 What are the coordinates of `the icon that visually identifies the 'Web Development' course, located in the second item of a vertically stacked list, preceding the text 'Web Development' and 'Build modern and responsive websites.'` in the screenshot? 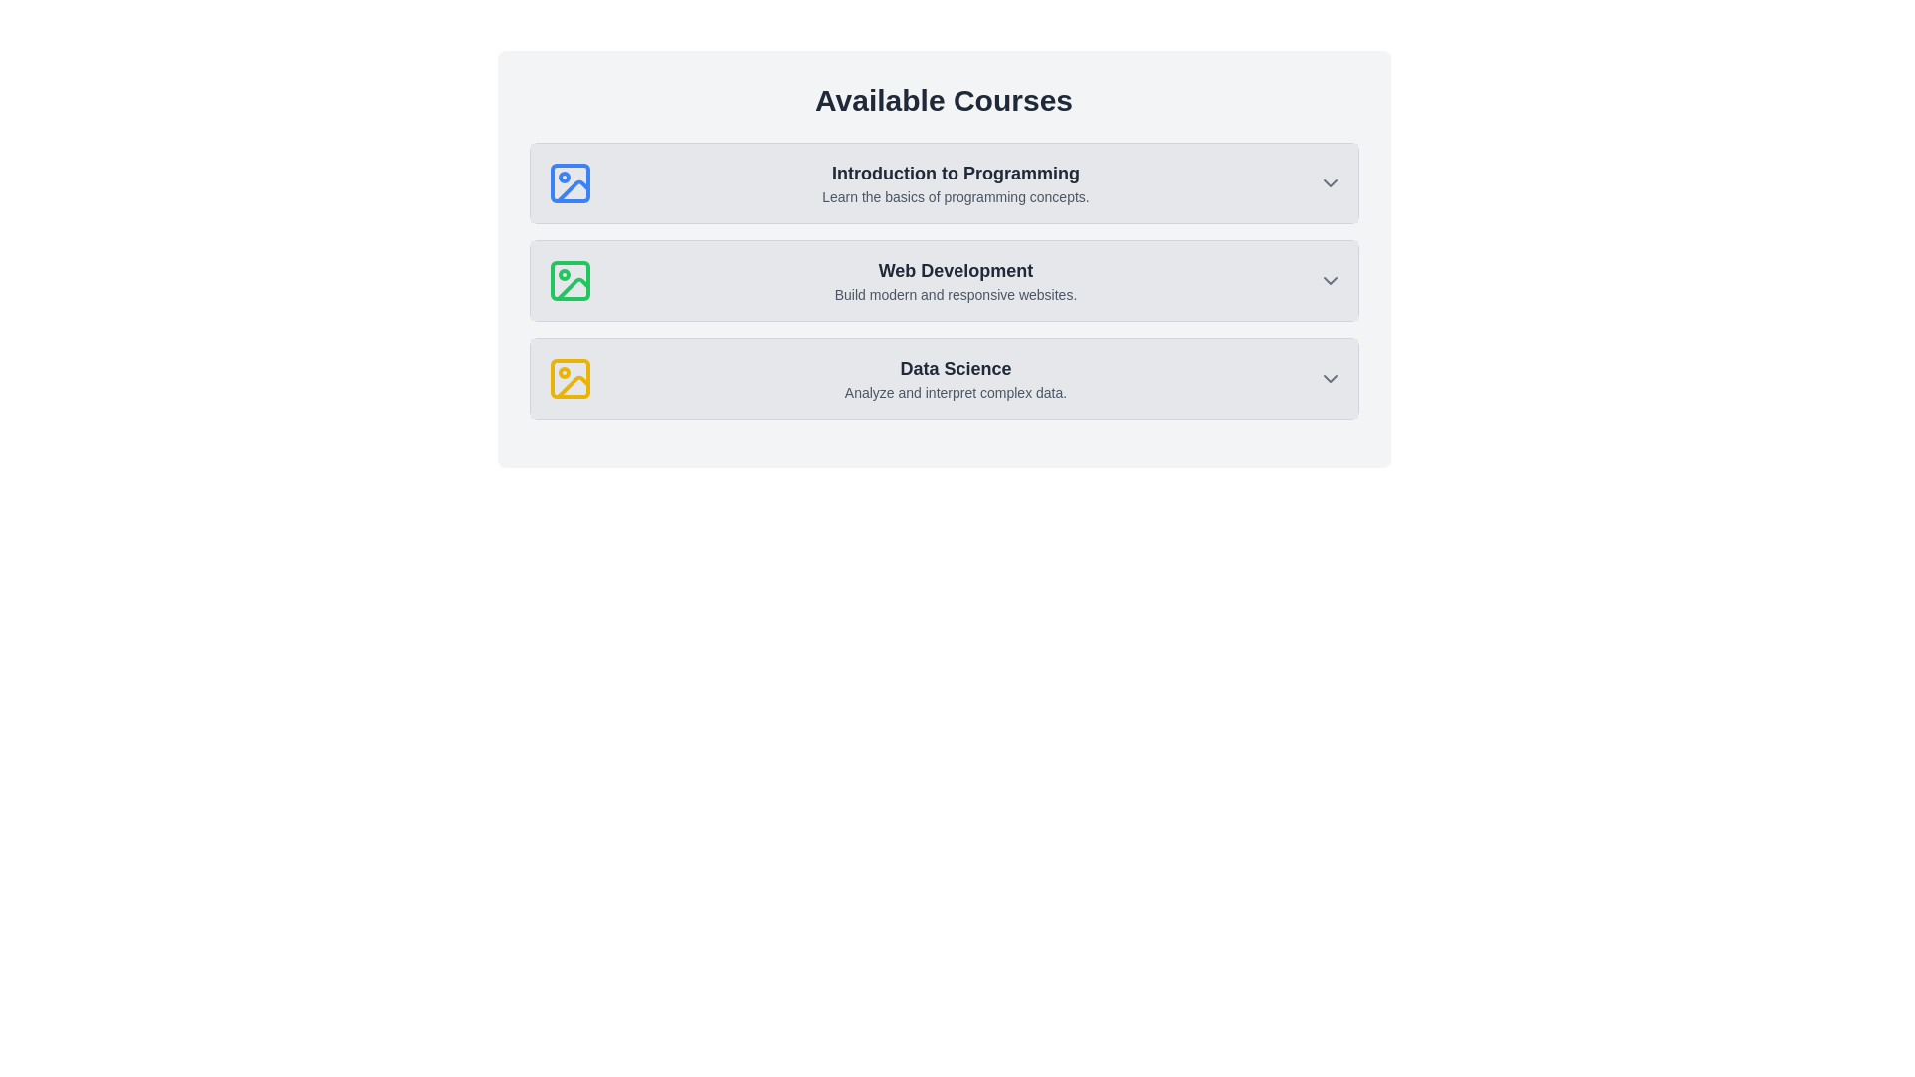 It's located at (569, 280).